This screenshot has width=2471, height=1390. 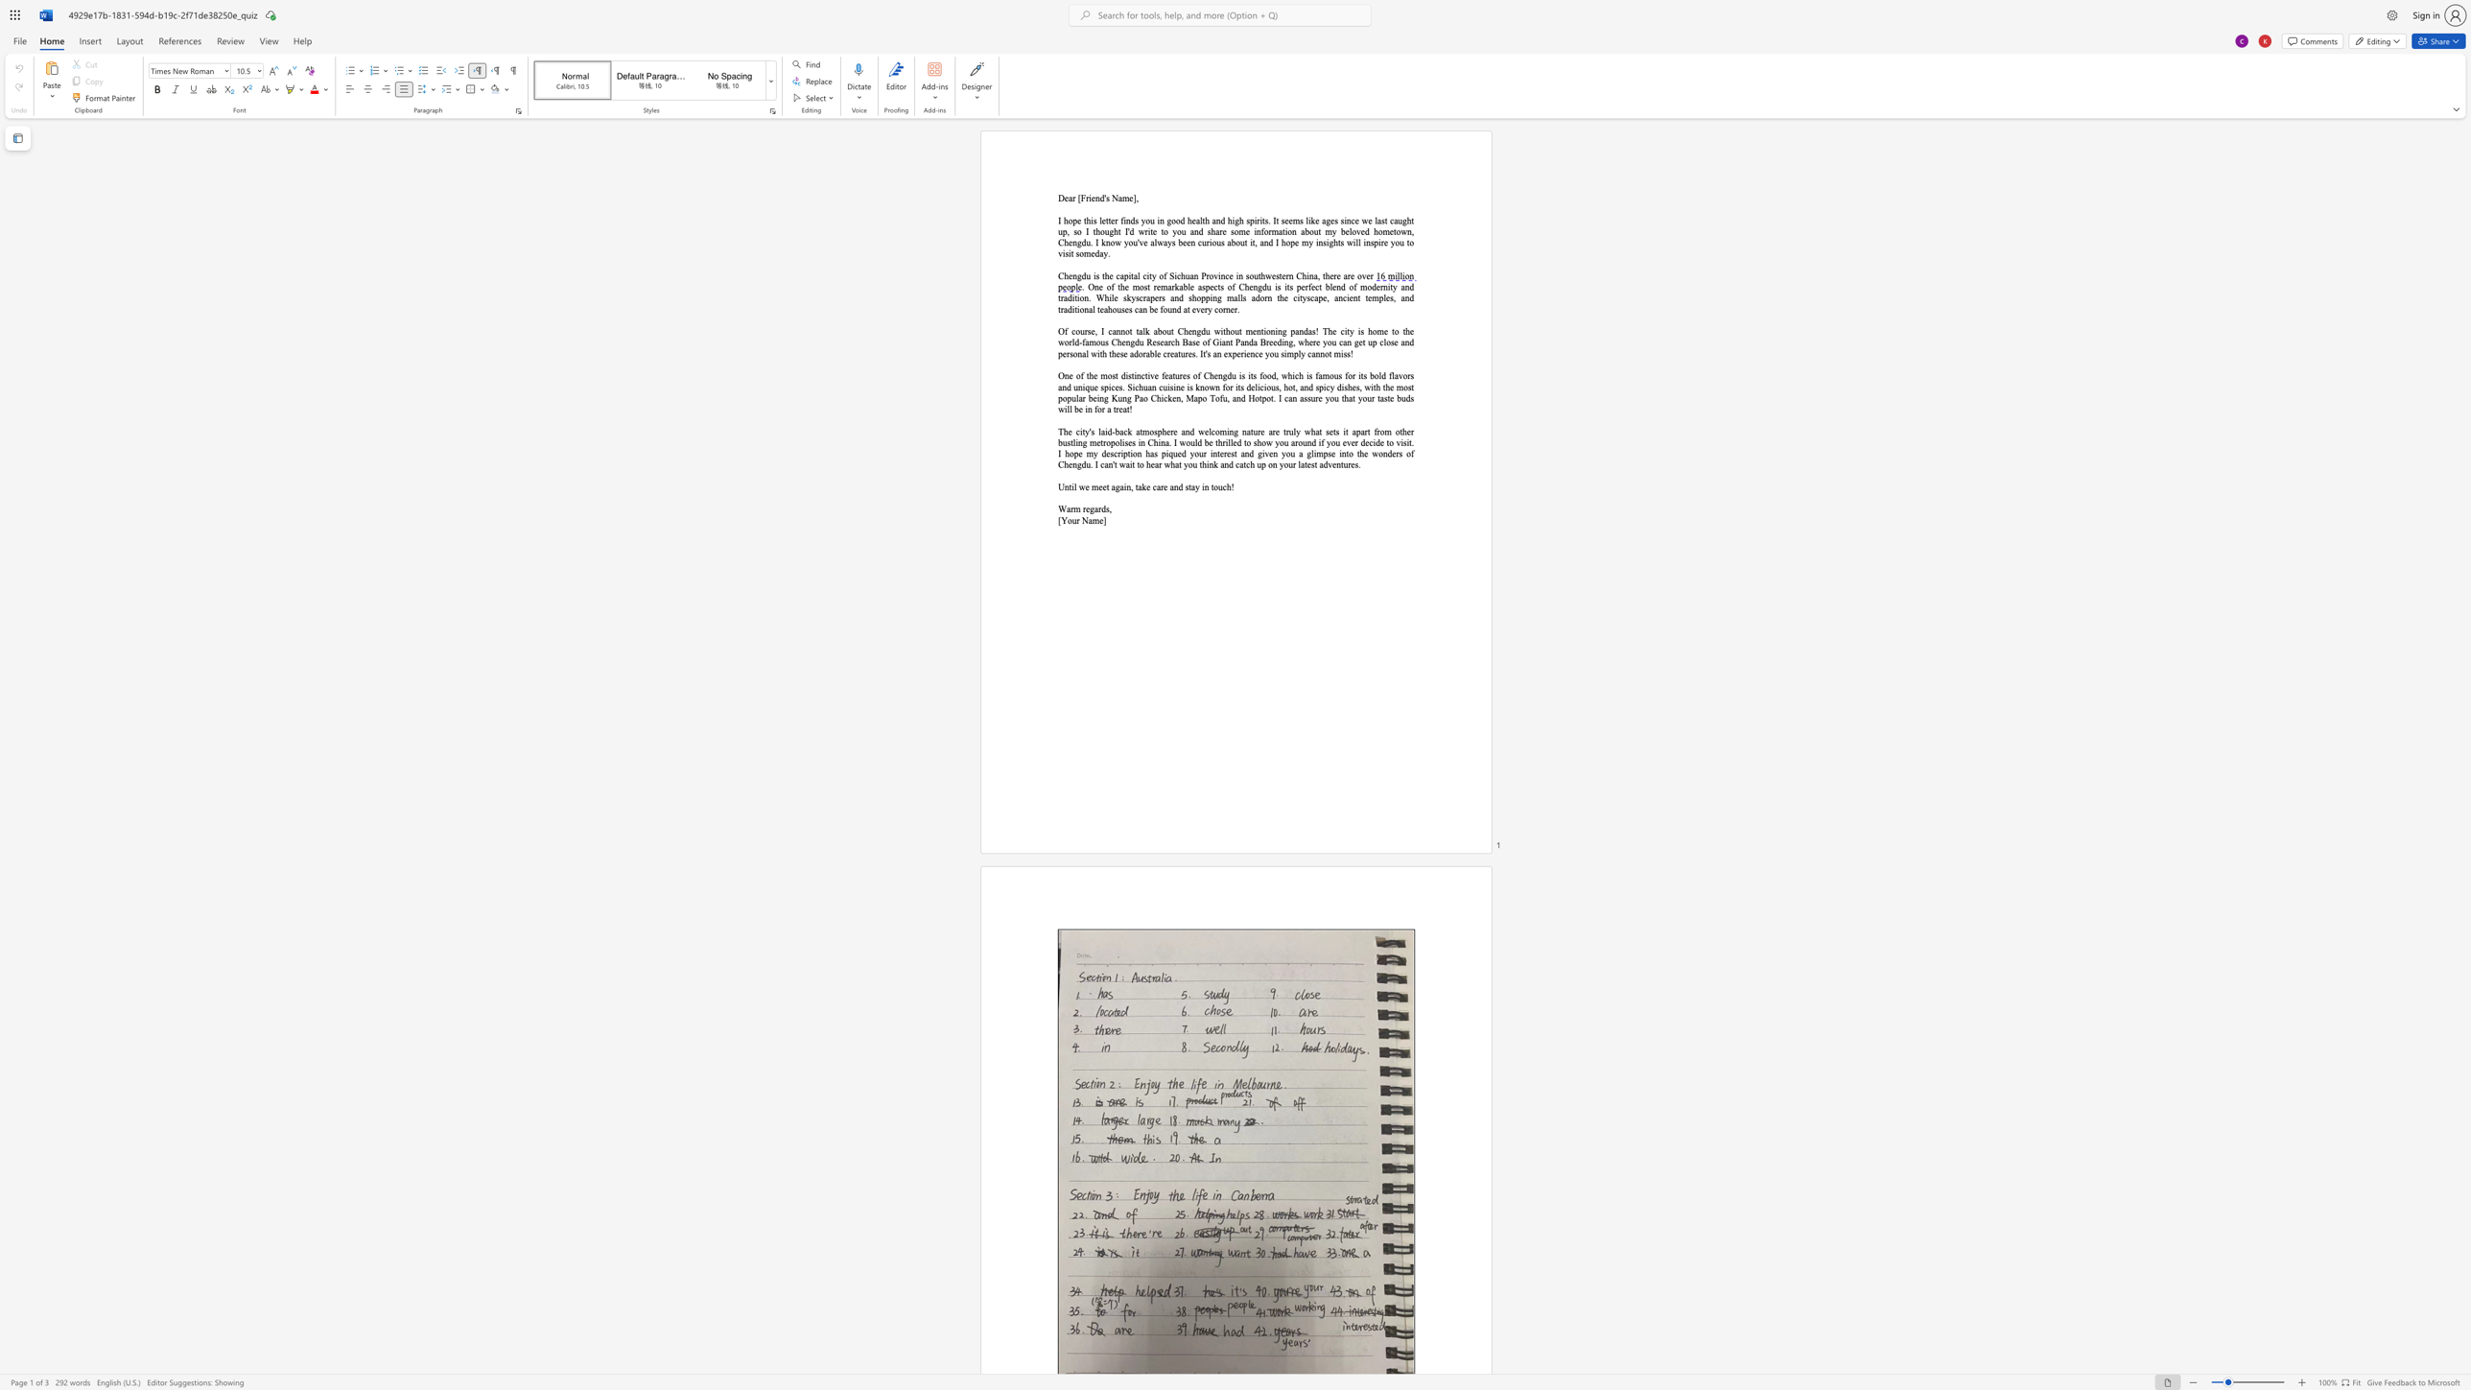 I want to click on the space between the continuous character "s" and "!" in the text, so click(x=1350, y=353).